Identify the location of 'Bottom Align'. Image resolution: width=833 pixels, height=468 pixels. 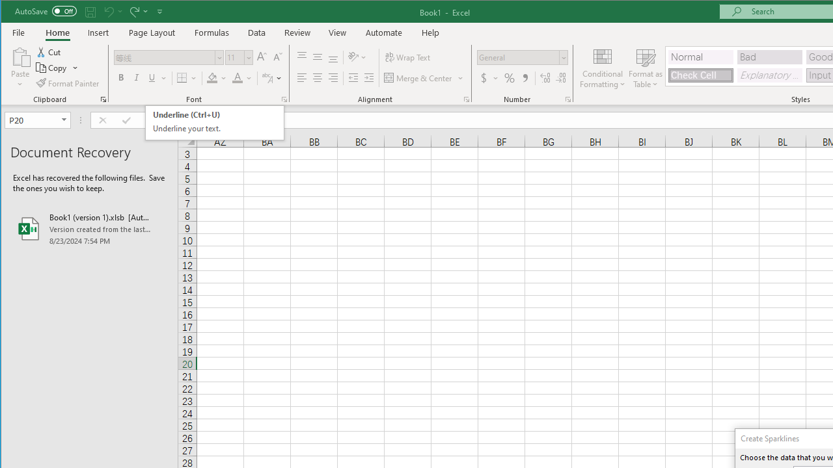
(333, 57).